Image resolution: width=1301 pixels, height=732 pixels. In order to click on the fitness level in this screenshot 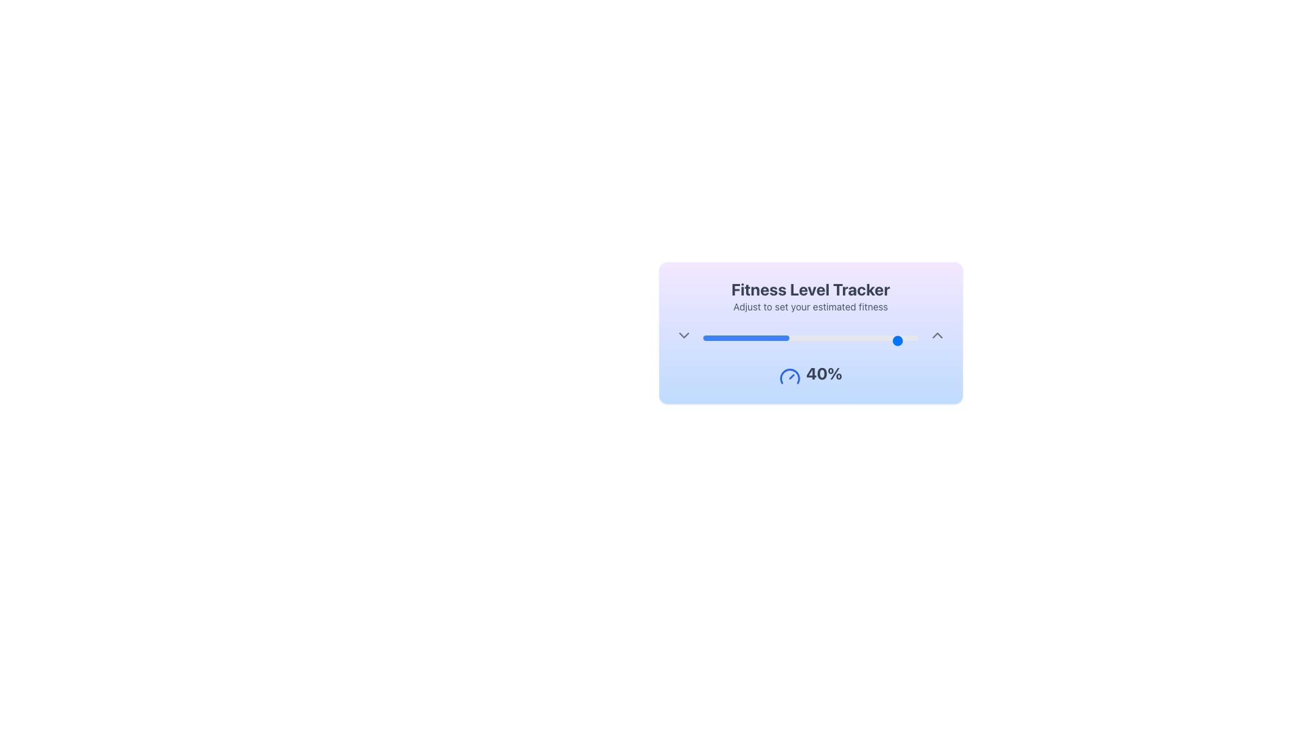, I will do `click(735, 337)`.